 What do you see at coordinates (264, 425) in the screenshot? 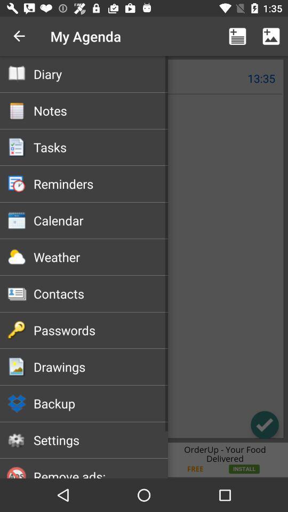
I see `the check icon` at bounding box center [264, 425].